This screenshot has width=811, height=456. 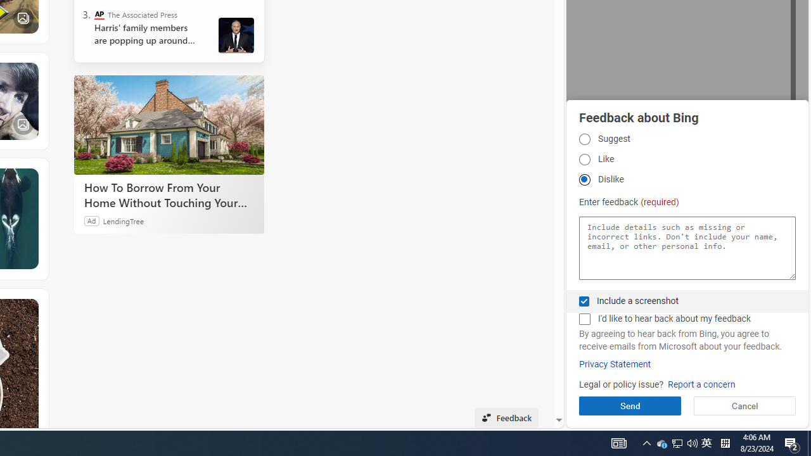 I want to click on 'Suggest Suggest', so click(x=584, y=139).